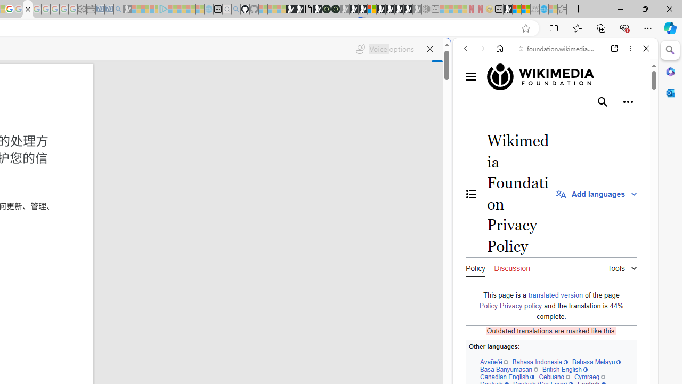  Describe the element at coordinates (557, 49) in the screenshot. I see `'foundation.wikimedia.org'` at that location.